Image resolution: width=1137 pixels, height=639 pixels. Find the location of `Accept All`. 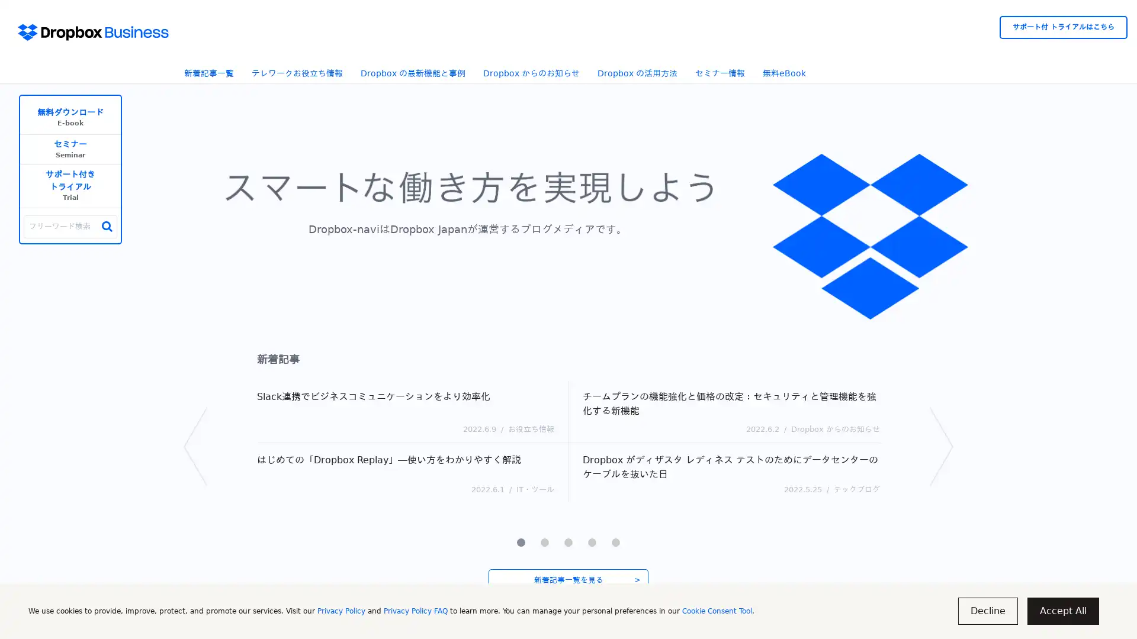

Accept All is located at coordinates (1063, 611).